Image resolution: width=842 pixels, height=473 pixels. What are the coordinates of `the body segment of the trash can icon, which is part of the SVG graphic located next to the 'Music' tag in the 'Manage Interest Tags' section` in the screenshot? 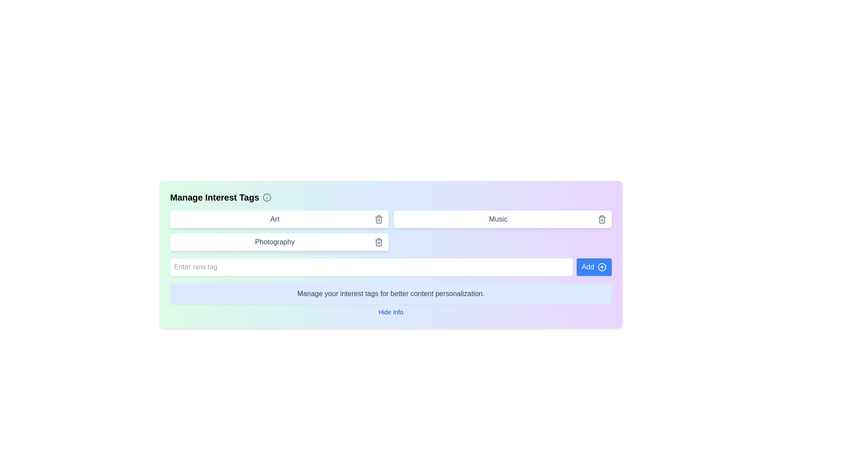 It's located at (601, 219).